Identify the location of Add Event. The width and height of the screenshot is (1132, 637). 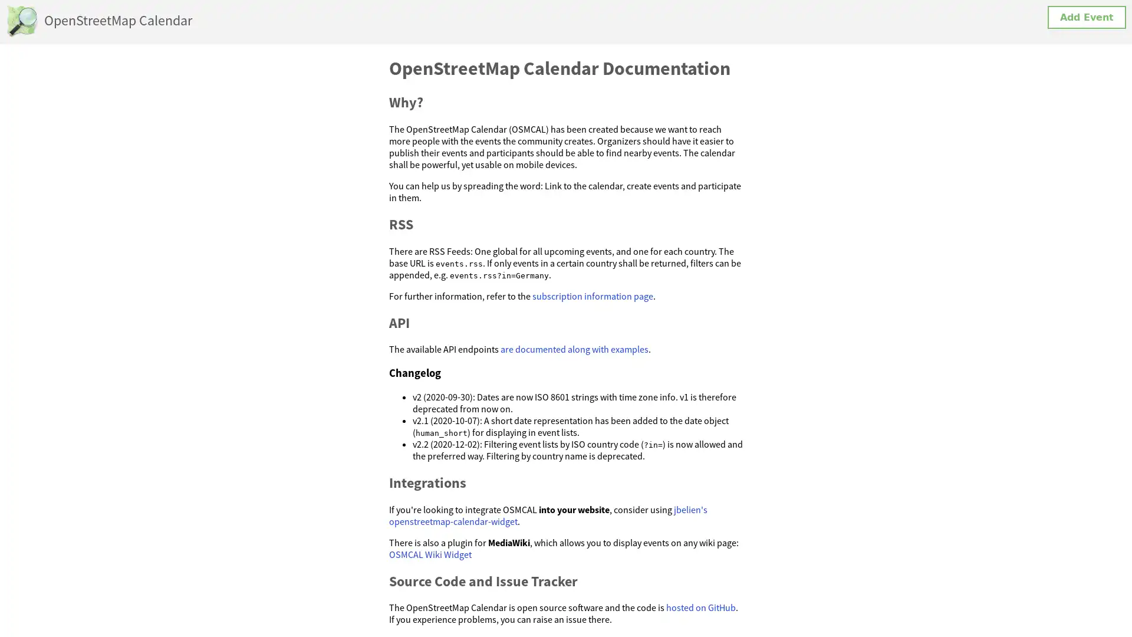
(1086, 17).